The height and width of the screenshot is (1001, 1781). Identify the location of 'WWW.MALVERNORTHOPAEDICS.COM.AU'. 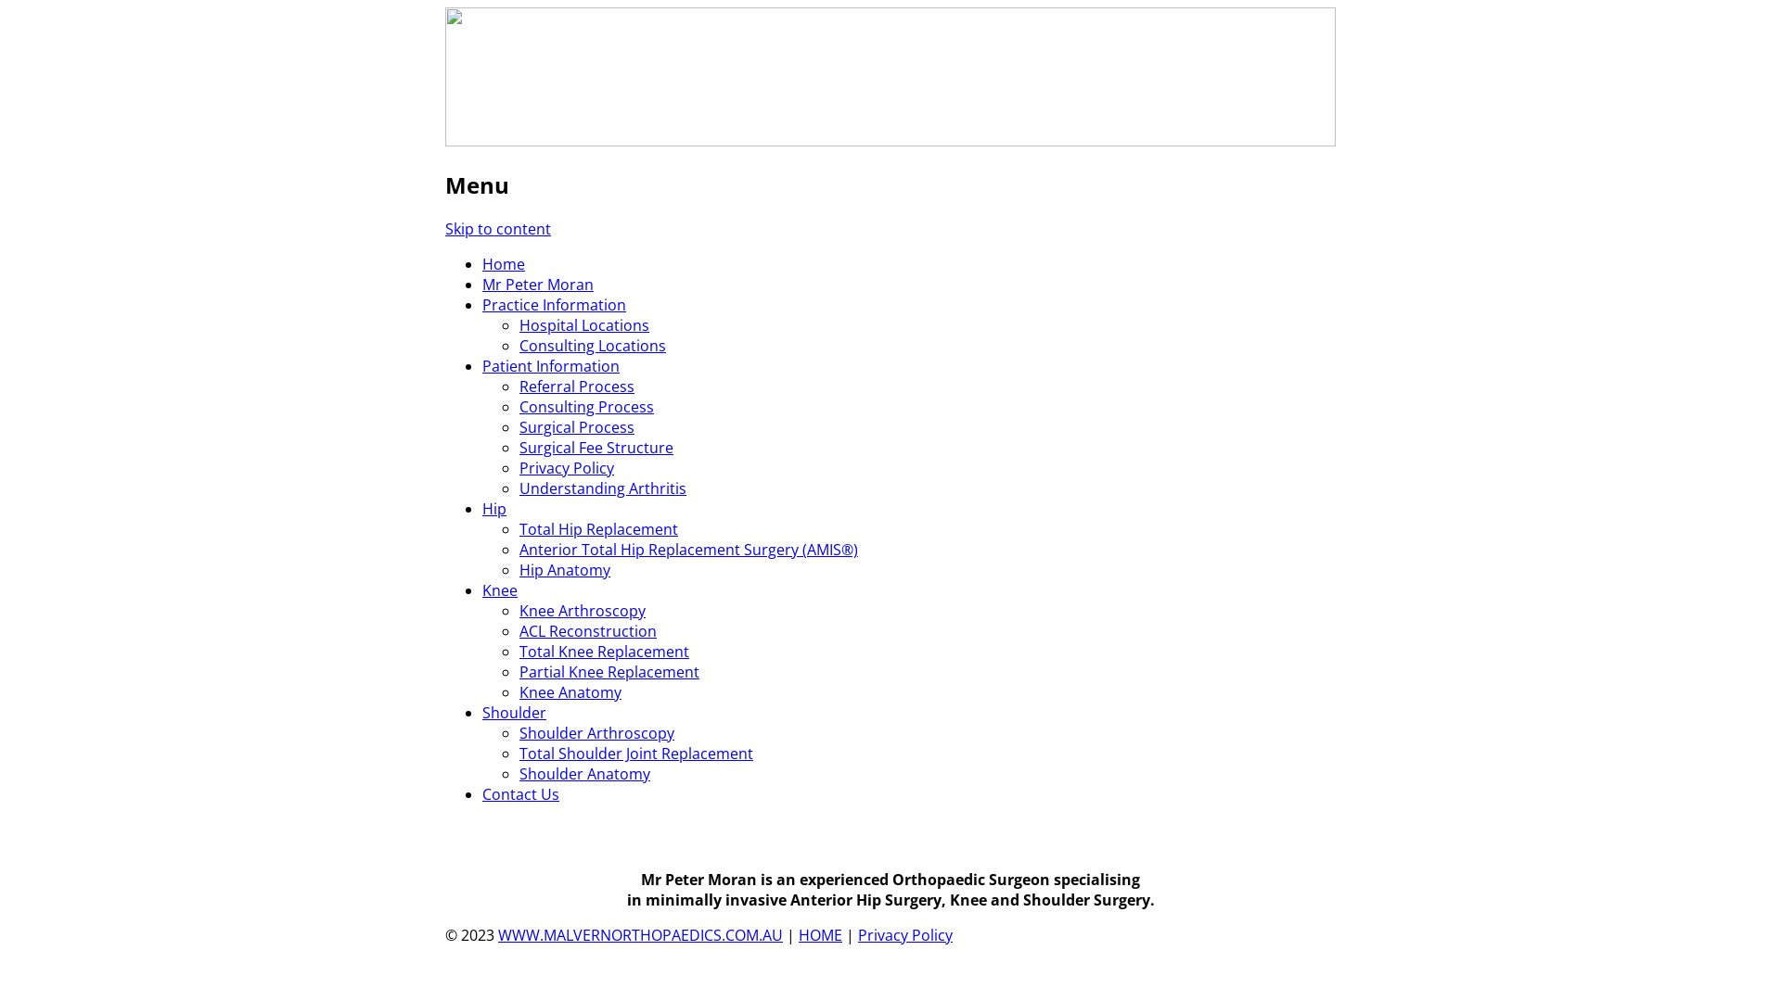
(640, 935).